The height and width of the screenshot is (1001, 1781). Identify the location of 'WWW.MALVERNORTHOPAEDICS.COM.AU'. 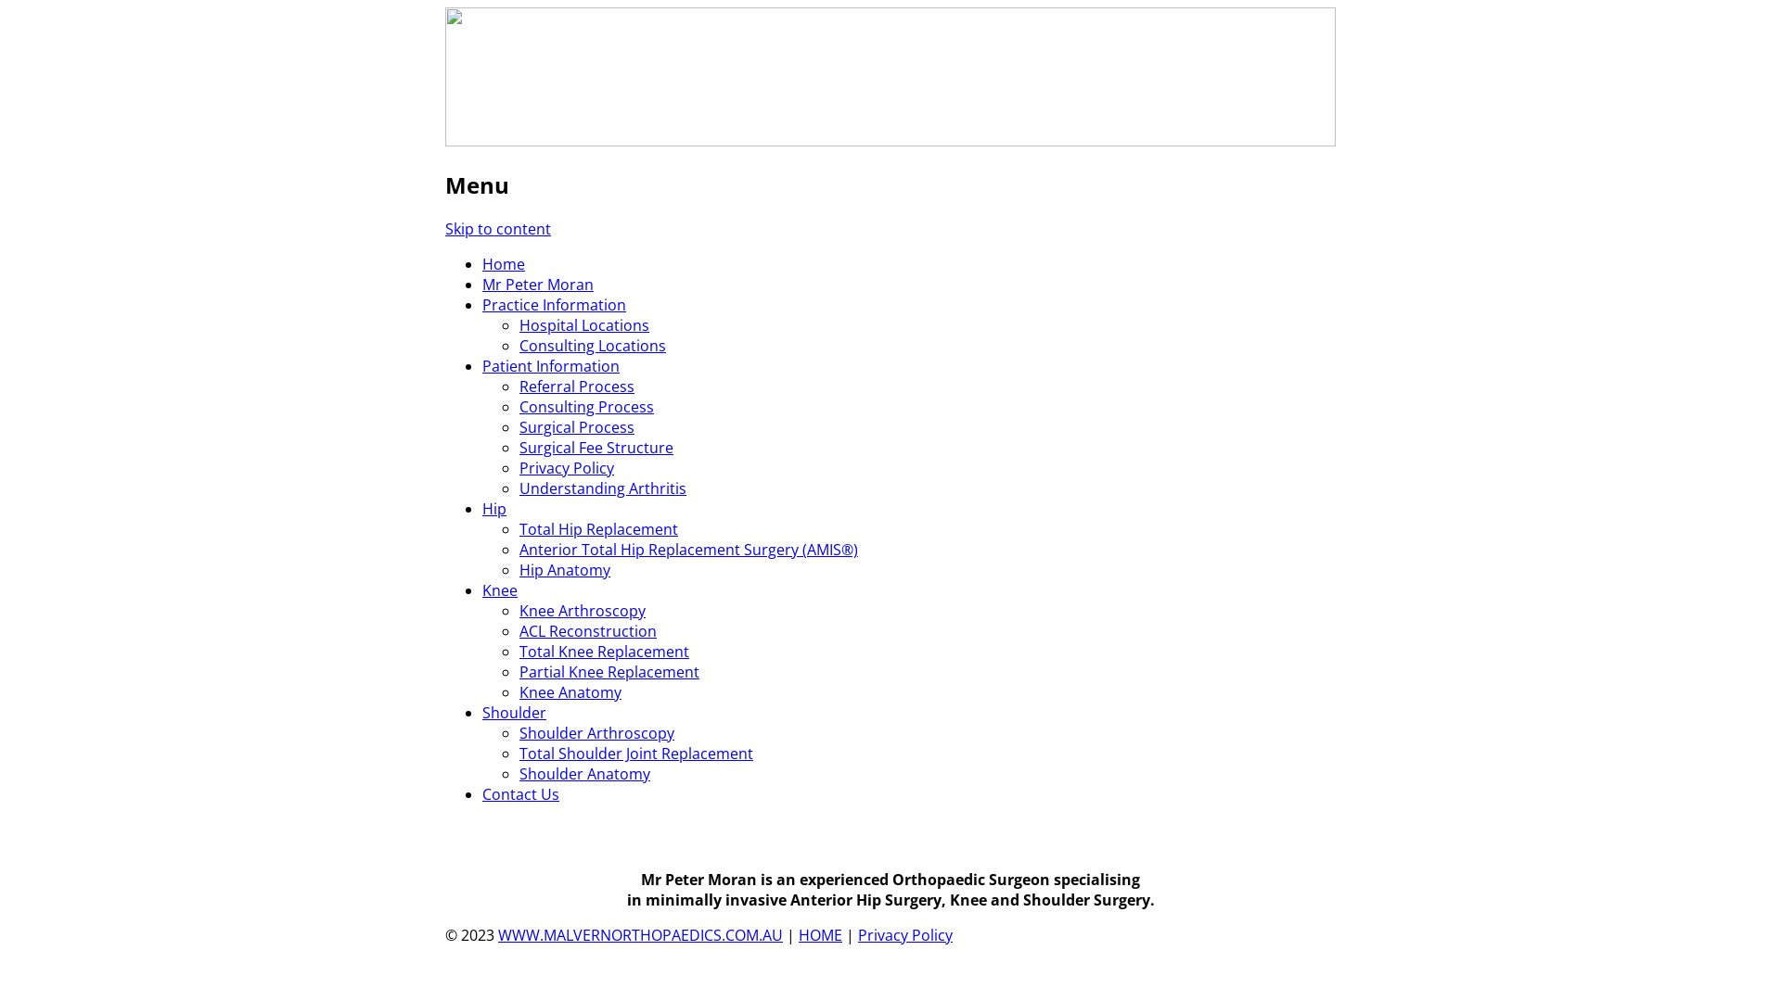
(640, 935).